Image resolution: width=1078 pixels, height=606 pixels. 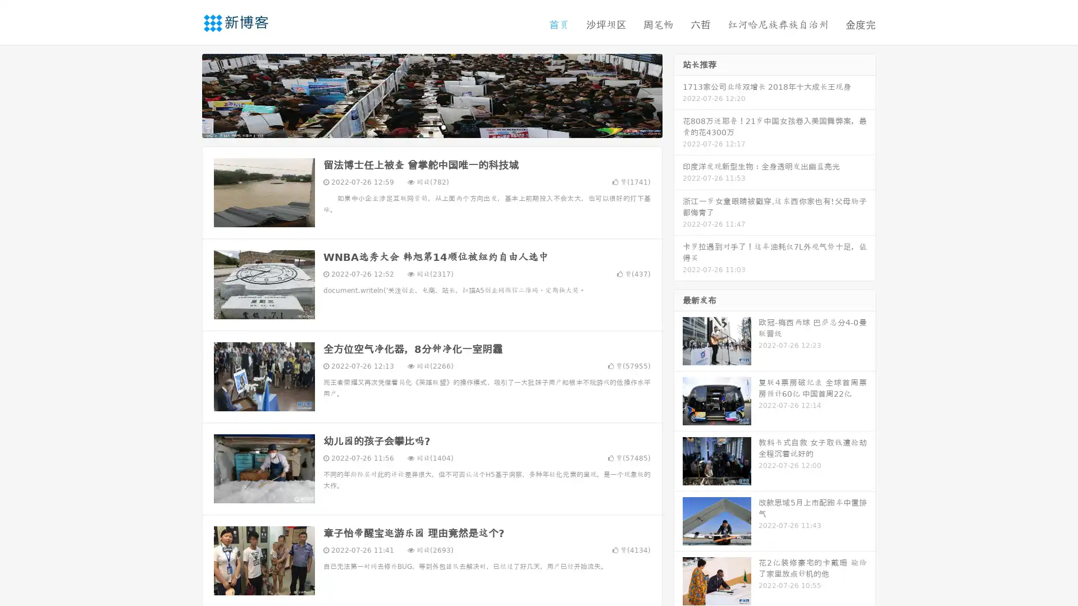 I want to click on Go to slide 2, so click(x=431, y=126).